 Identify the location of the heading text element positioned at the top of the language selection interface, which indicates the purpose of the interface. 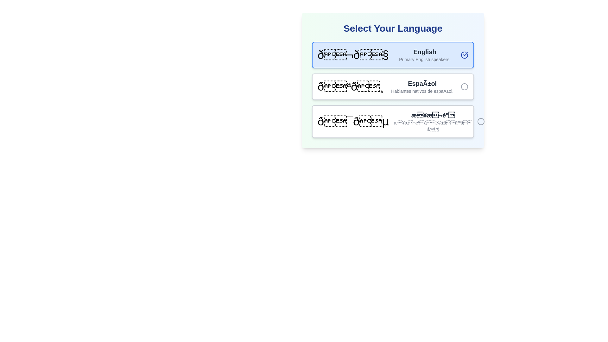
(393, 28).